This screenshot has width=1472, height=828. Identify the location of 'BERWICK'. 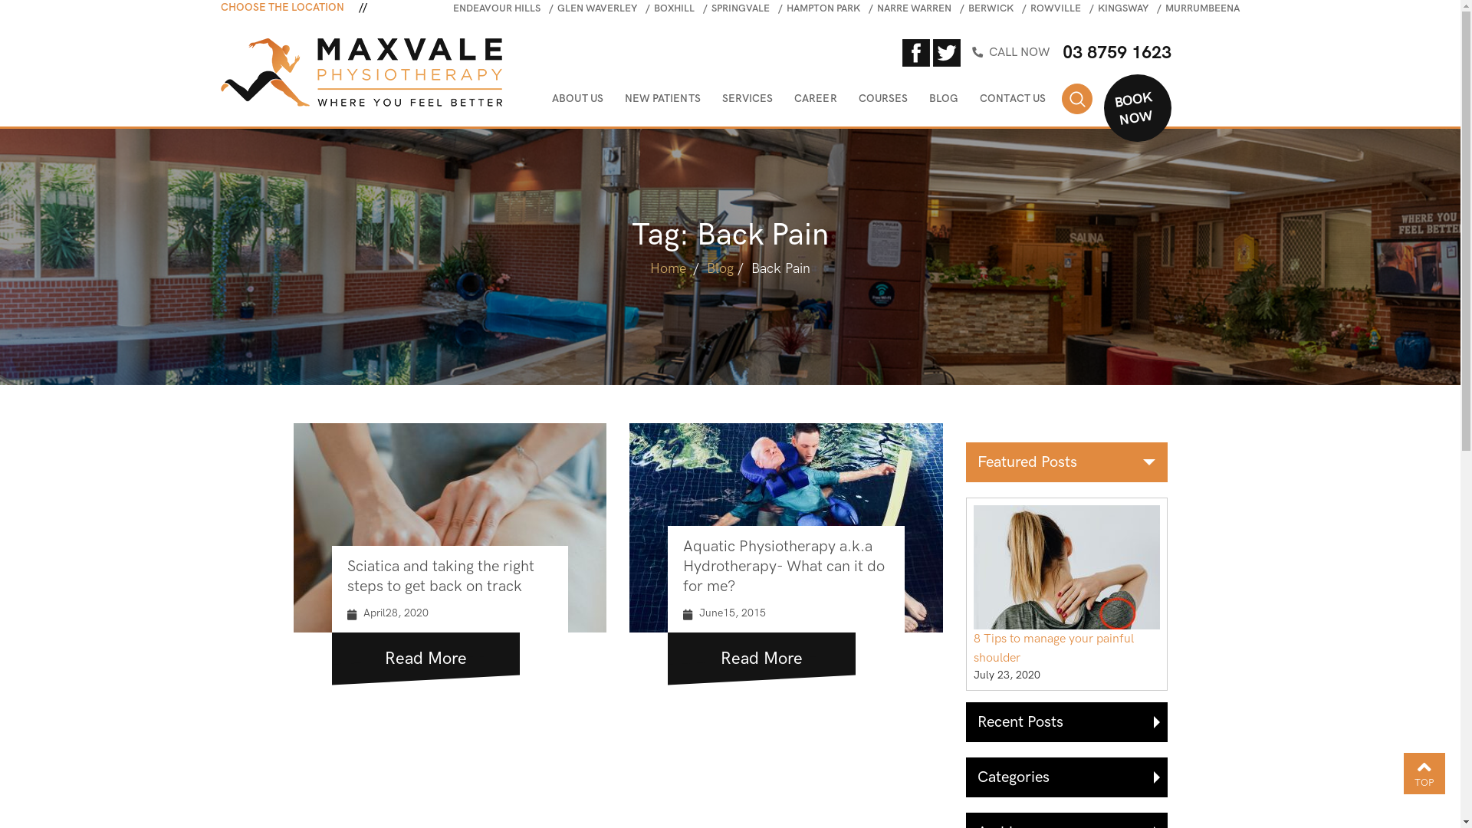
(991, 8).